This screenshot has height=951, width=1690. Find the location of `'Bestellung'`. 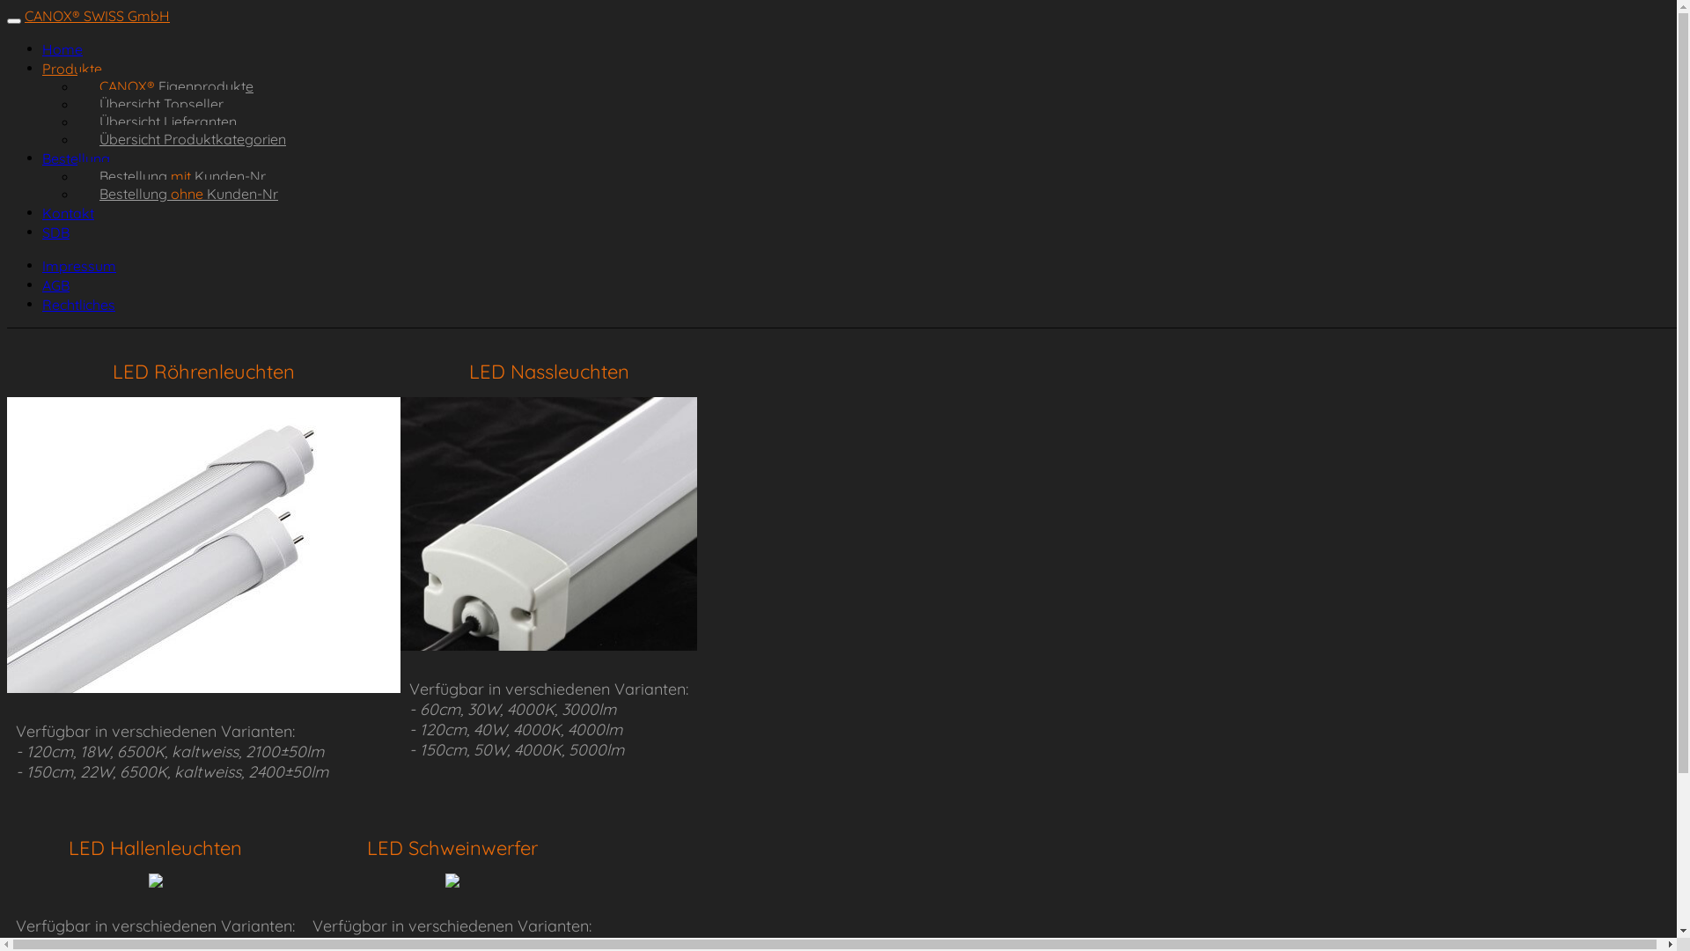

'Bestellung' is located at coordinates (75, 158).